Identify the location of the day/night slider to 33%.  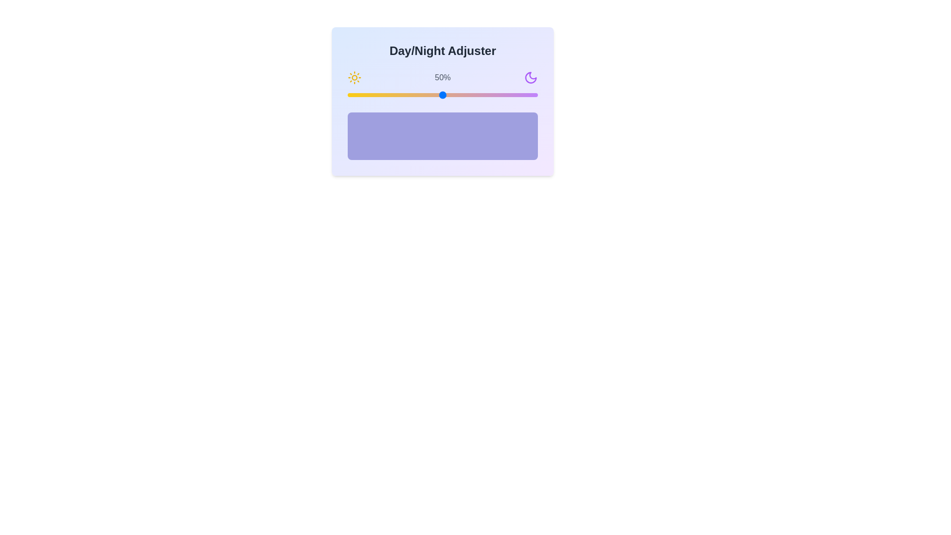
(410, 95).